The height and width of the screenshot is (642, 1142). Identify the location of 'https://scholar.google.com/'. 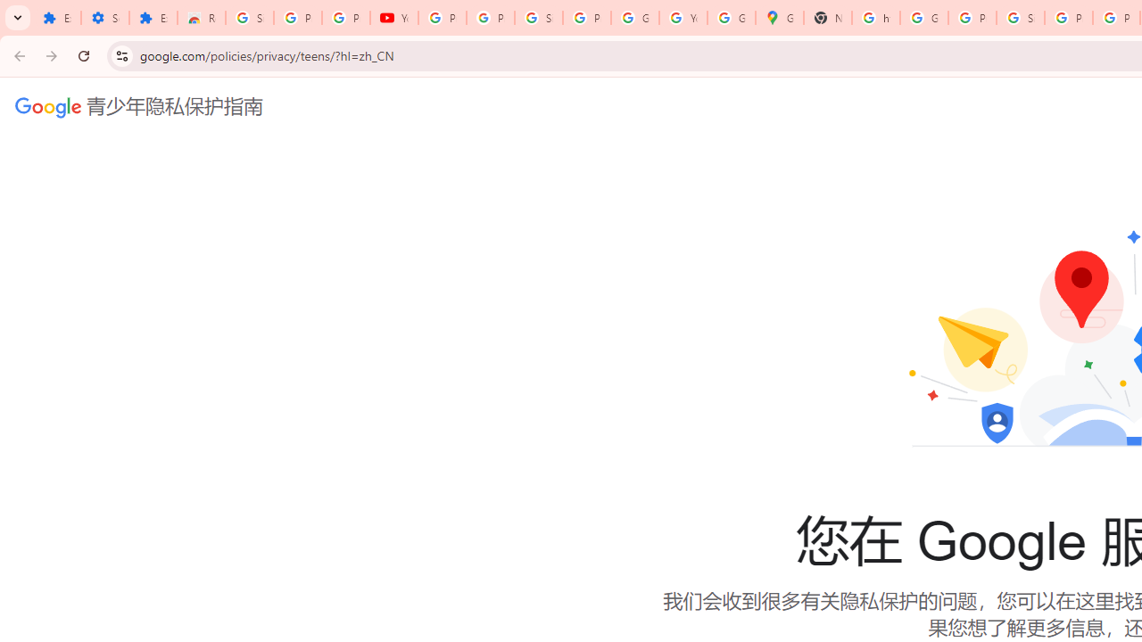
(875, 18).